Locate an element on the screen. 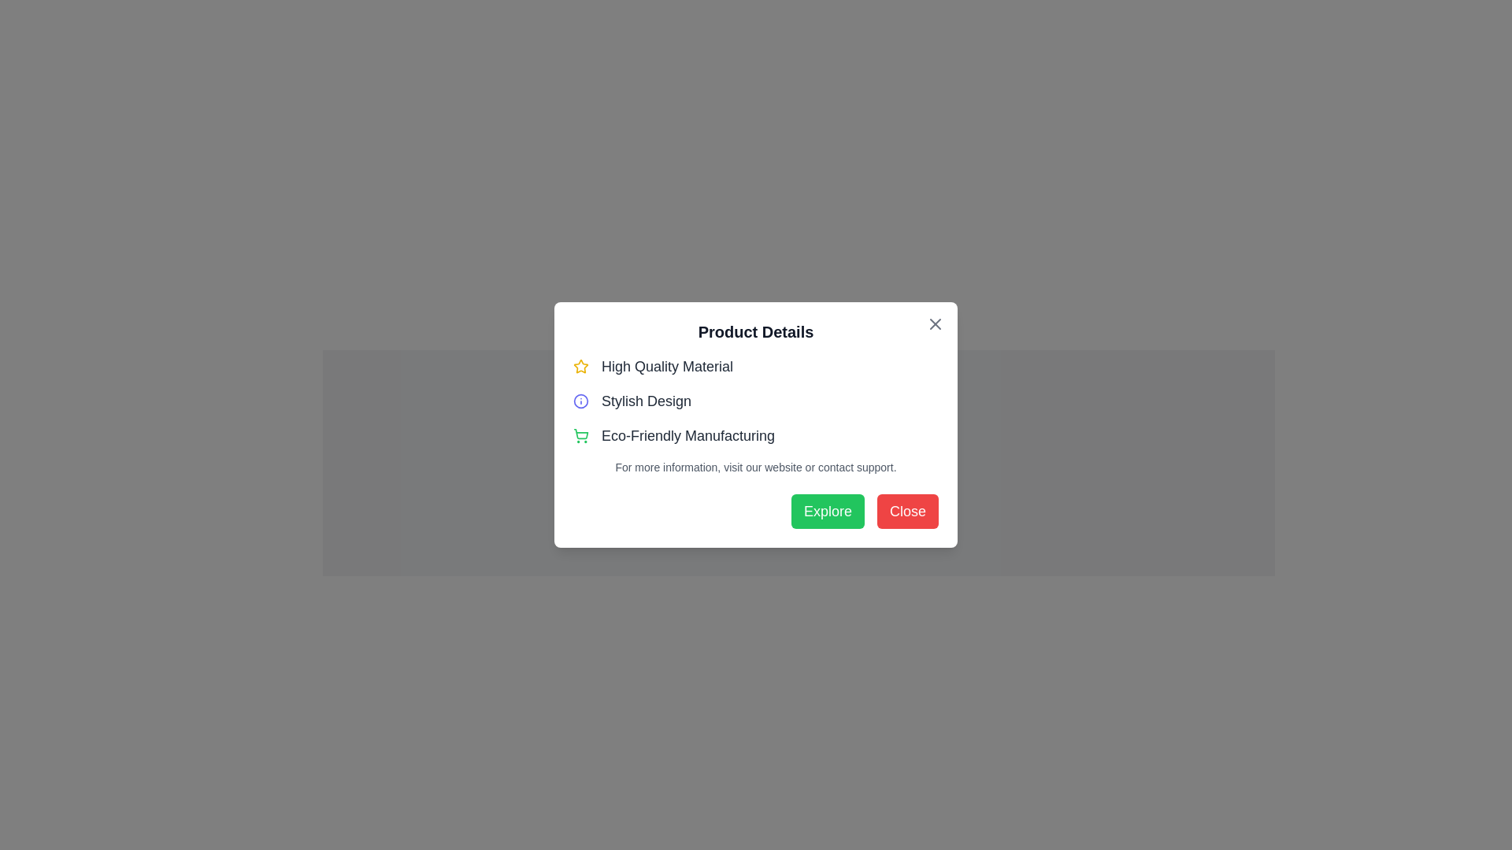  the shopping cart icon's body frame, which is a green curved rectangle indicating its active state, for interaction is located at coordinates (580, 434).